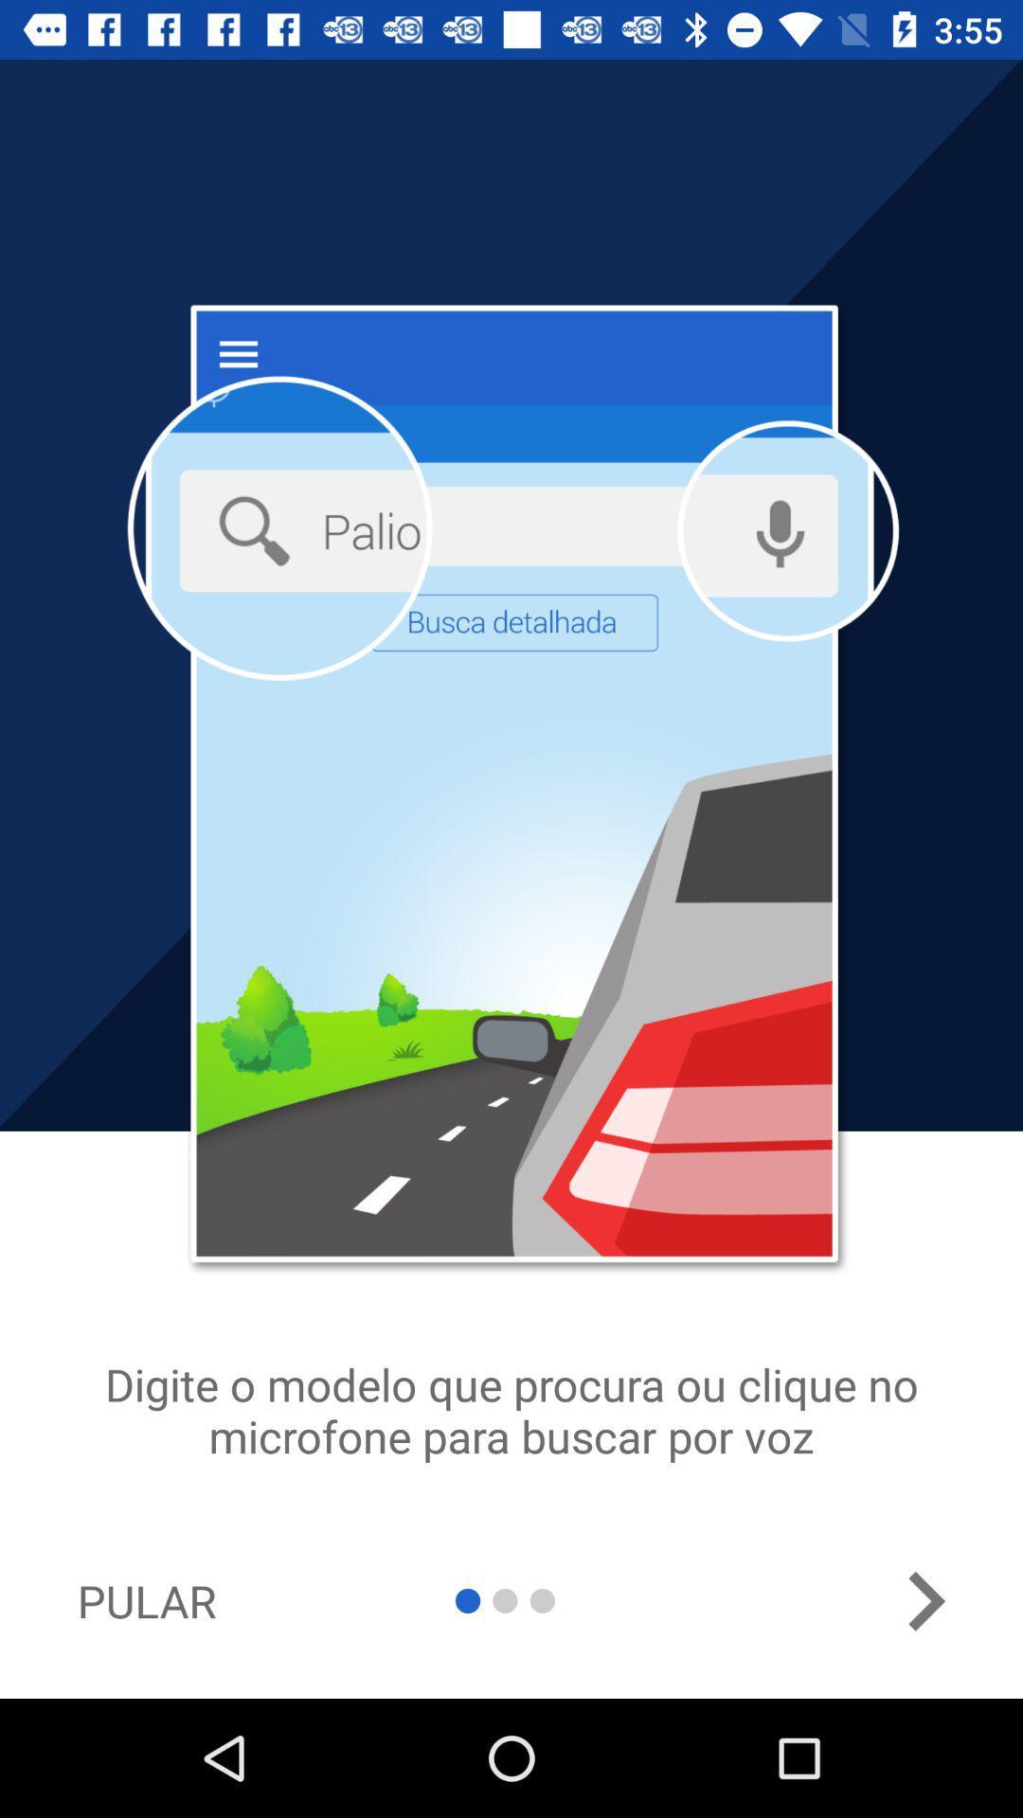 The image size is (1023, 1818). I want to click on the icon at the bottom right corner, so click(924, 1600).